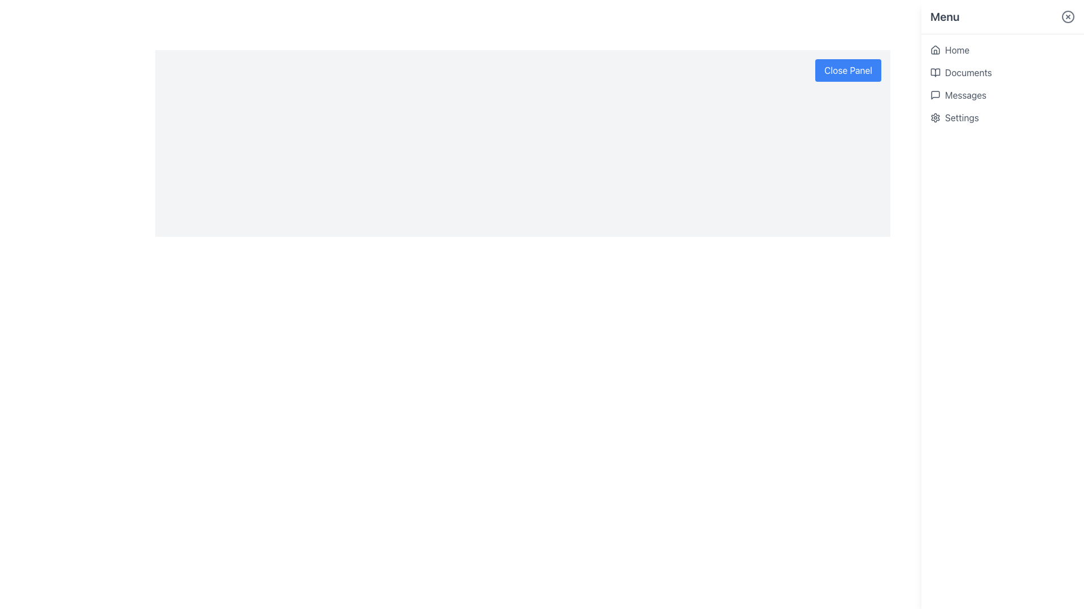  Describe the element at coordinates (1003, 83) in the screenshot. I see `the third menu item in the sidebar, which is located between 'Documents' and 'Settings'` at that location.